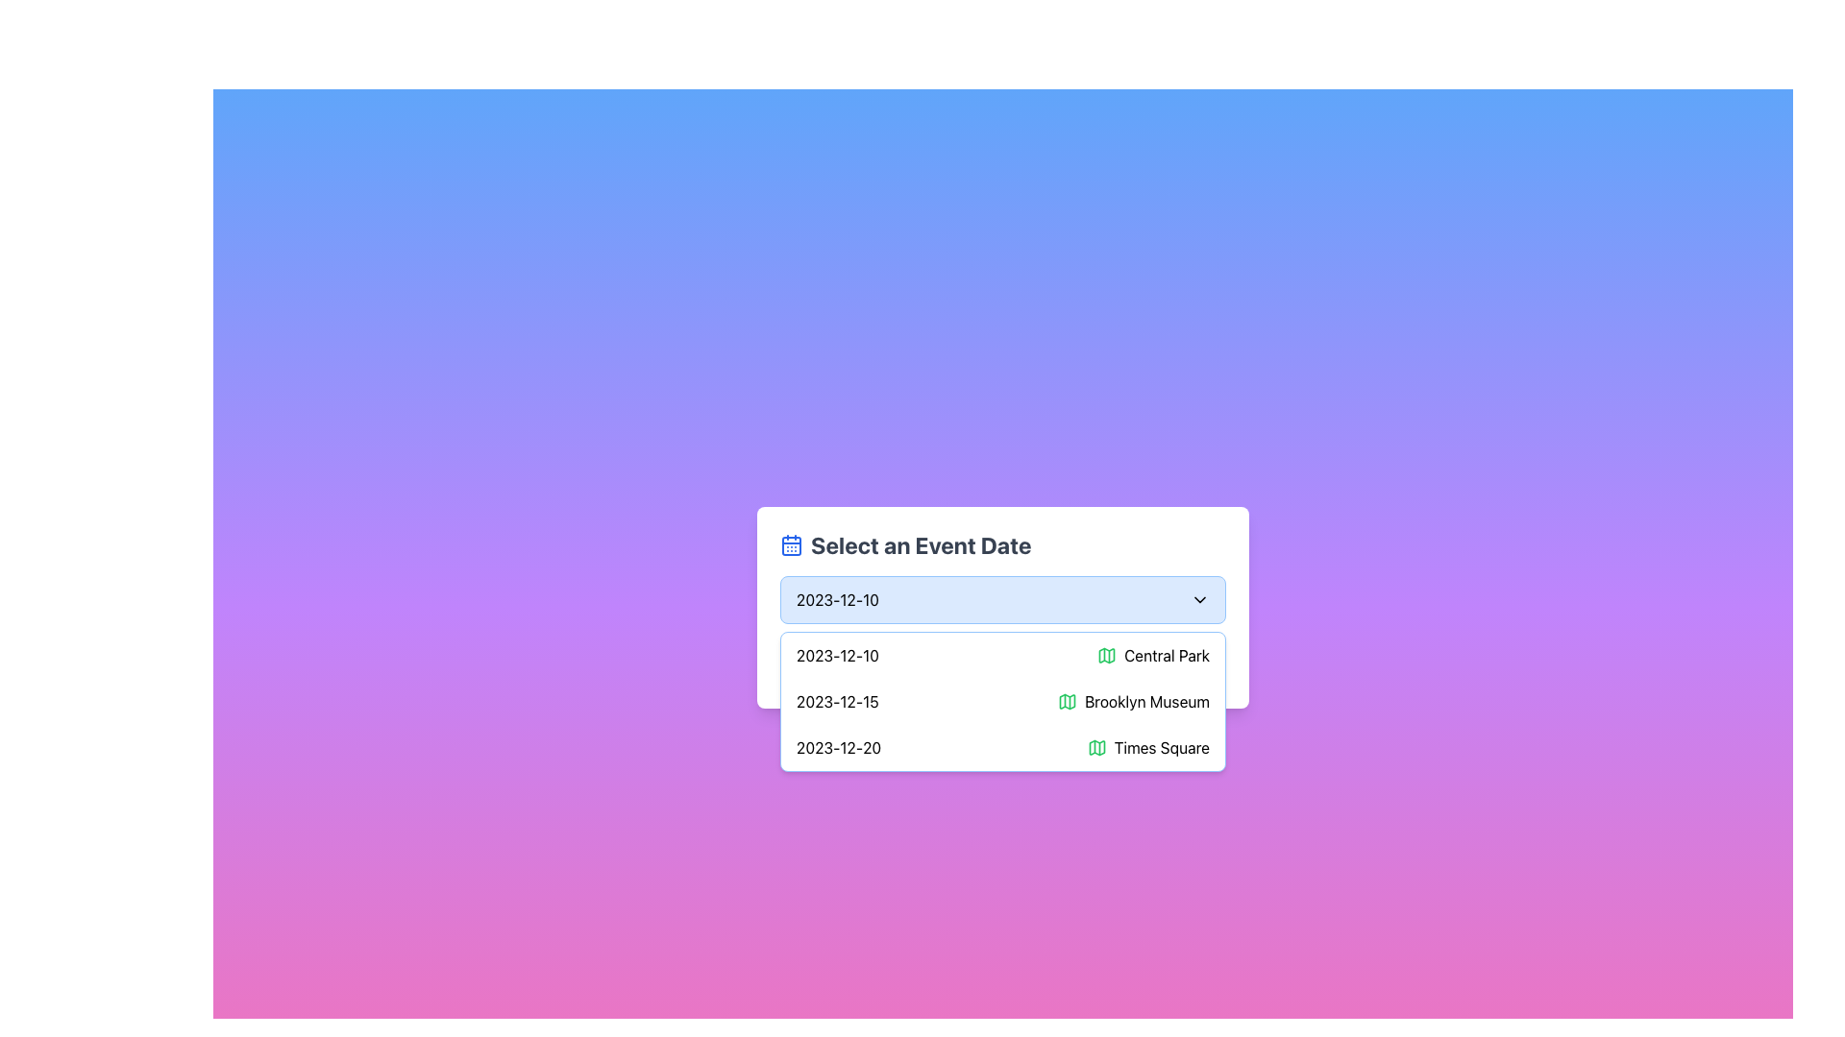 Image resolution: width=1845 pixels, height=1037 pixels. I want to click on the label with the green map icon and the text 'Times Square' which is located to the right of '2023-12-20' in the dropdown list of event options, so click(1148, 747).